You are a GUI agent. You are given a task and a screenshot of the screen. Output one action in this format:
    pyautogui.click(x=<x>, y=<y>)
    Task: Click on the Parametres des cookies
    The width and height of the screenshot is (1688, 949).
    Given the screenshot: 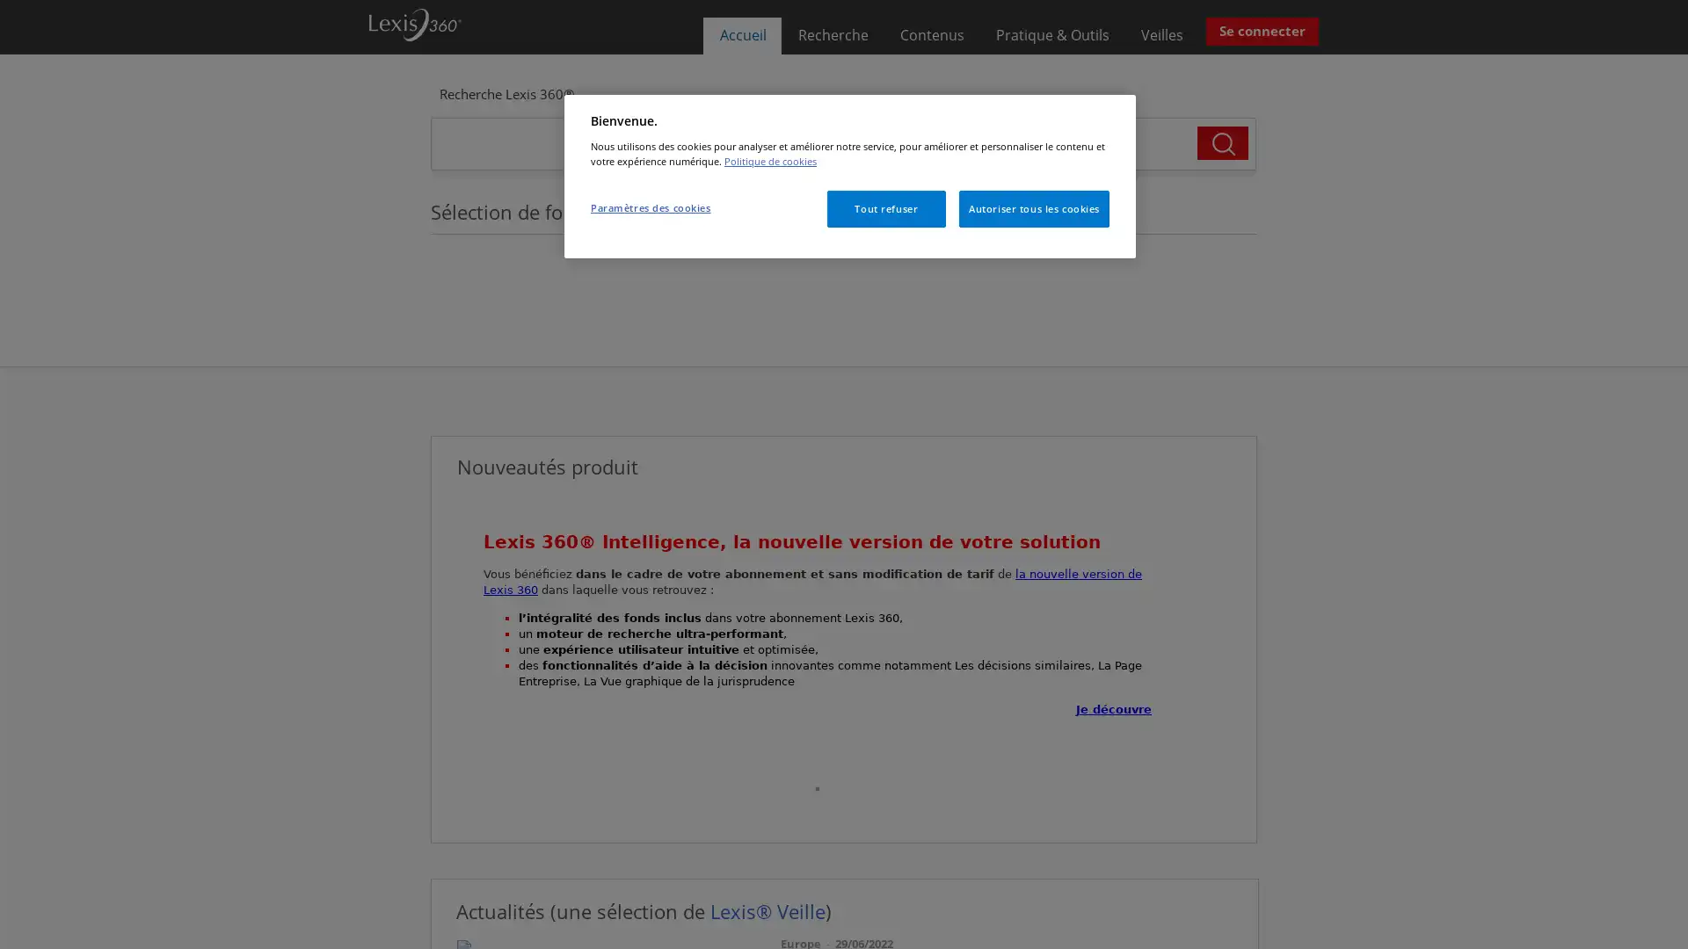 What is the action you would take?
    pyautogui.click(x=649, y=206)
    